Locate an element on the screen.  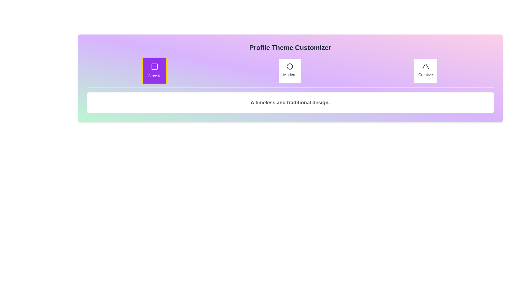
the triangle icon representing the 'Creative' theme located in the top-right section of the interface is located at coordinates (425, 66).